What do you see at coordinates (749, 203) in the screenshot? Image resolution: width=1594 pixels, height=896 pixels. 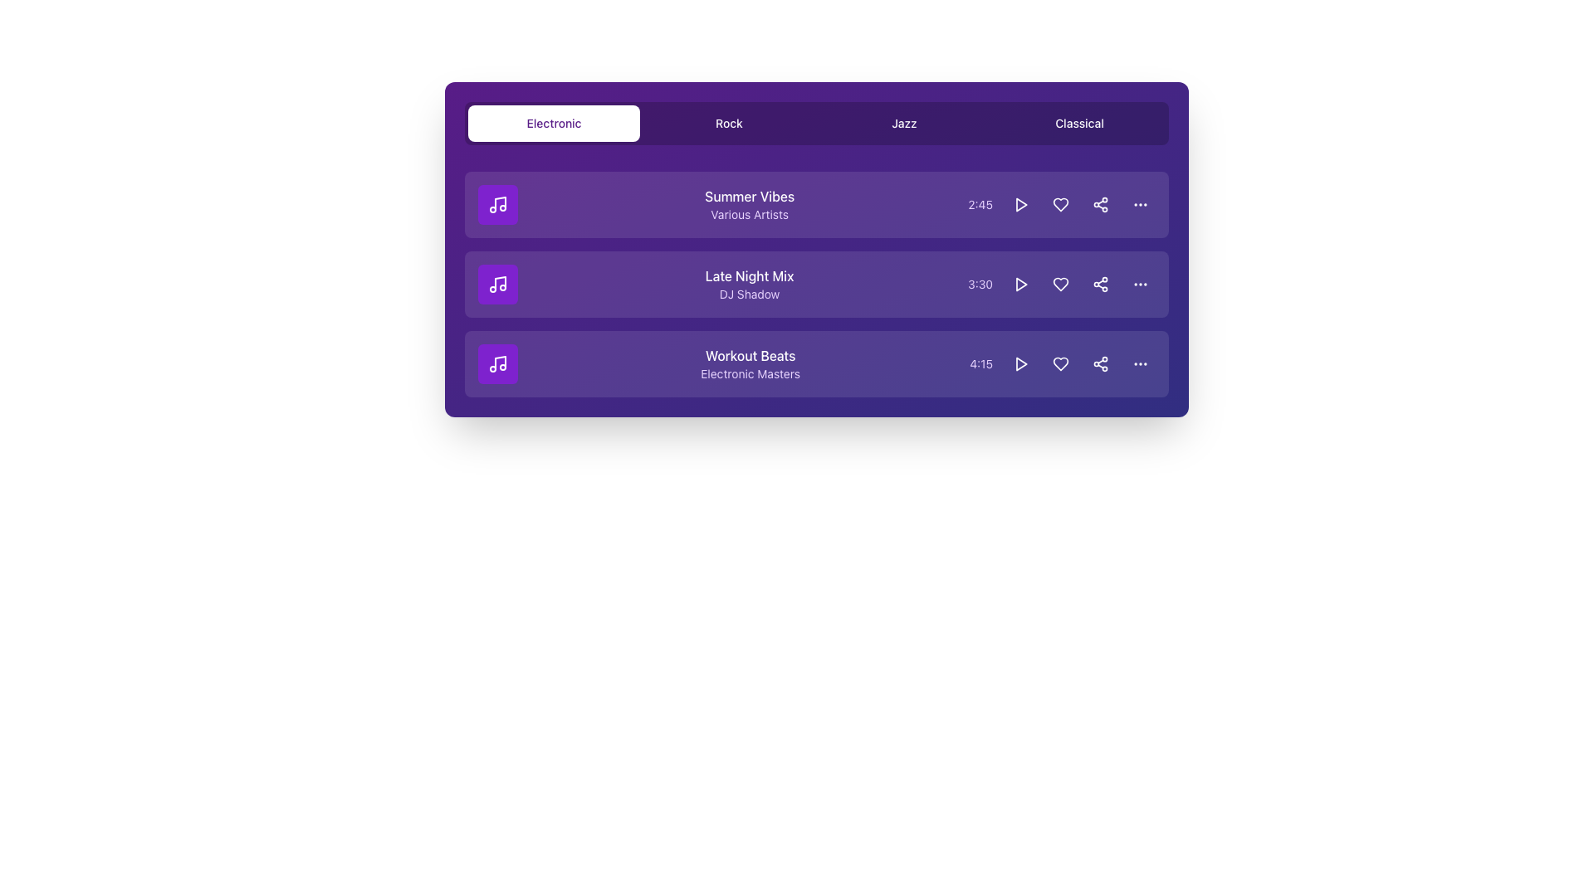 I see `the read-only text label component that displays the title and artist information for a music track in the first row of the playlist interface` at bounding box center [749, 203].